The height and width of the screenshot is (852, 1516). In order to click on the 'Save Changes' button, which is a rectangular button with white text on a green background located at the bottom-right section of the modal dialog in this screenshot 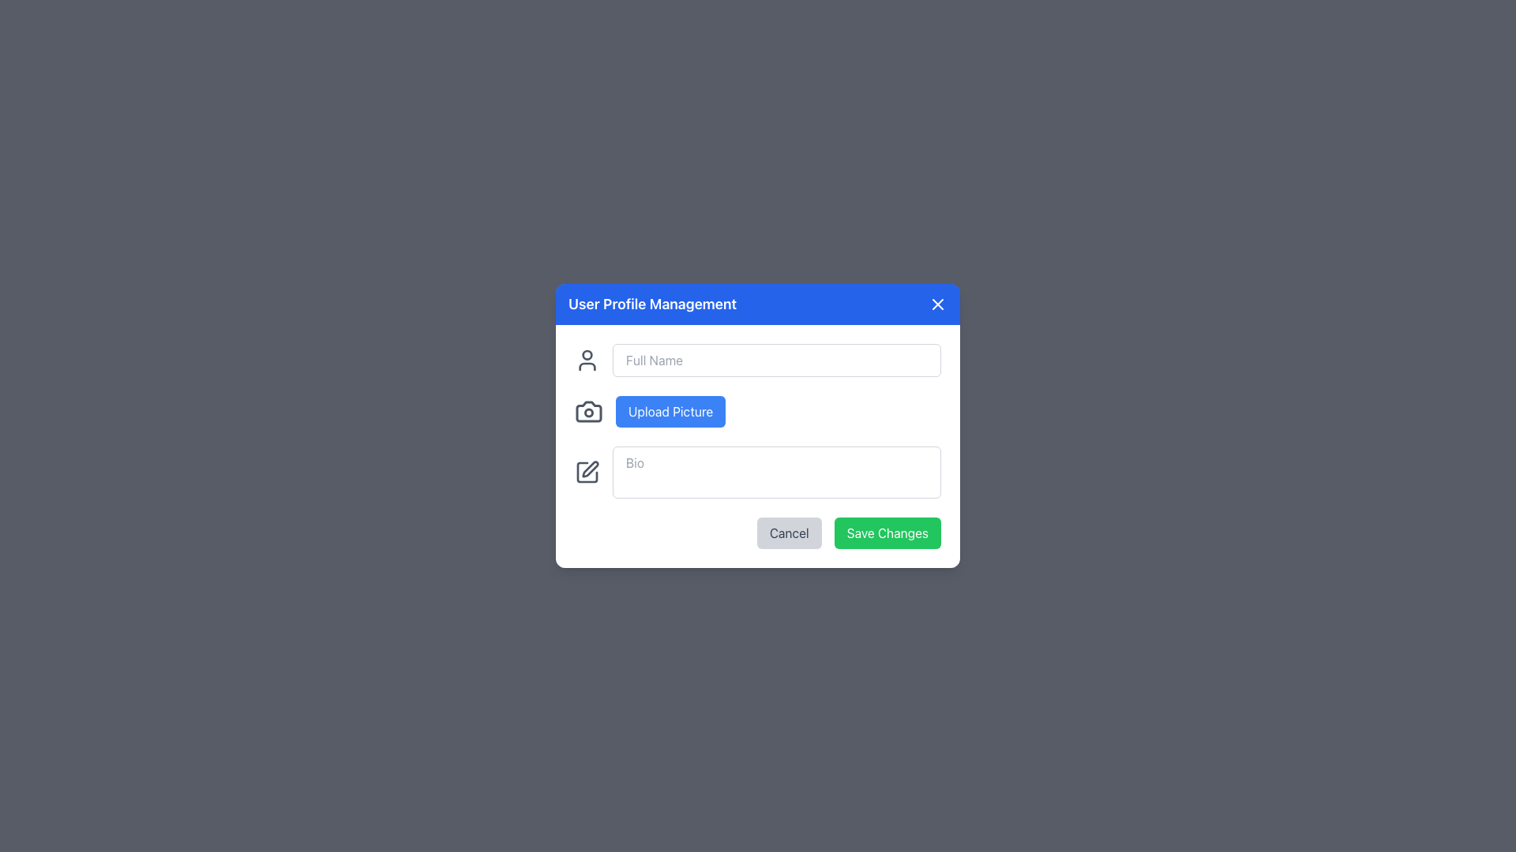, I will do `click(887, 532)`.